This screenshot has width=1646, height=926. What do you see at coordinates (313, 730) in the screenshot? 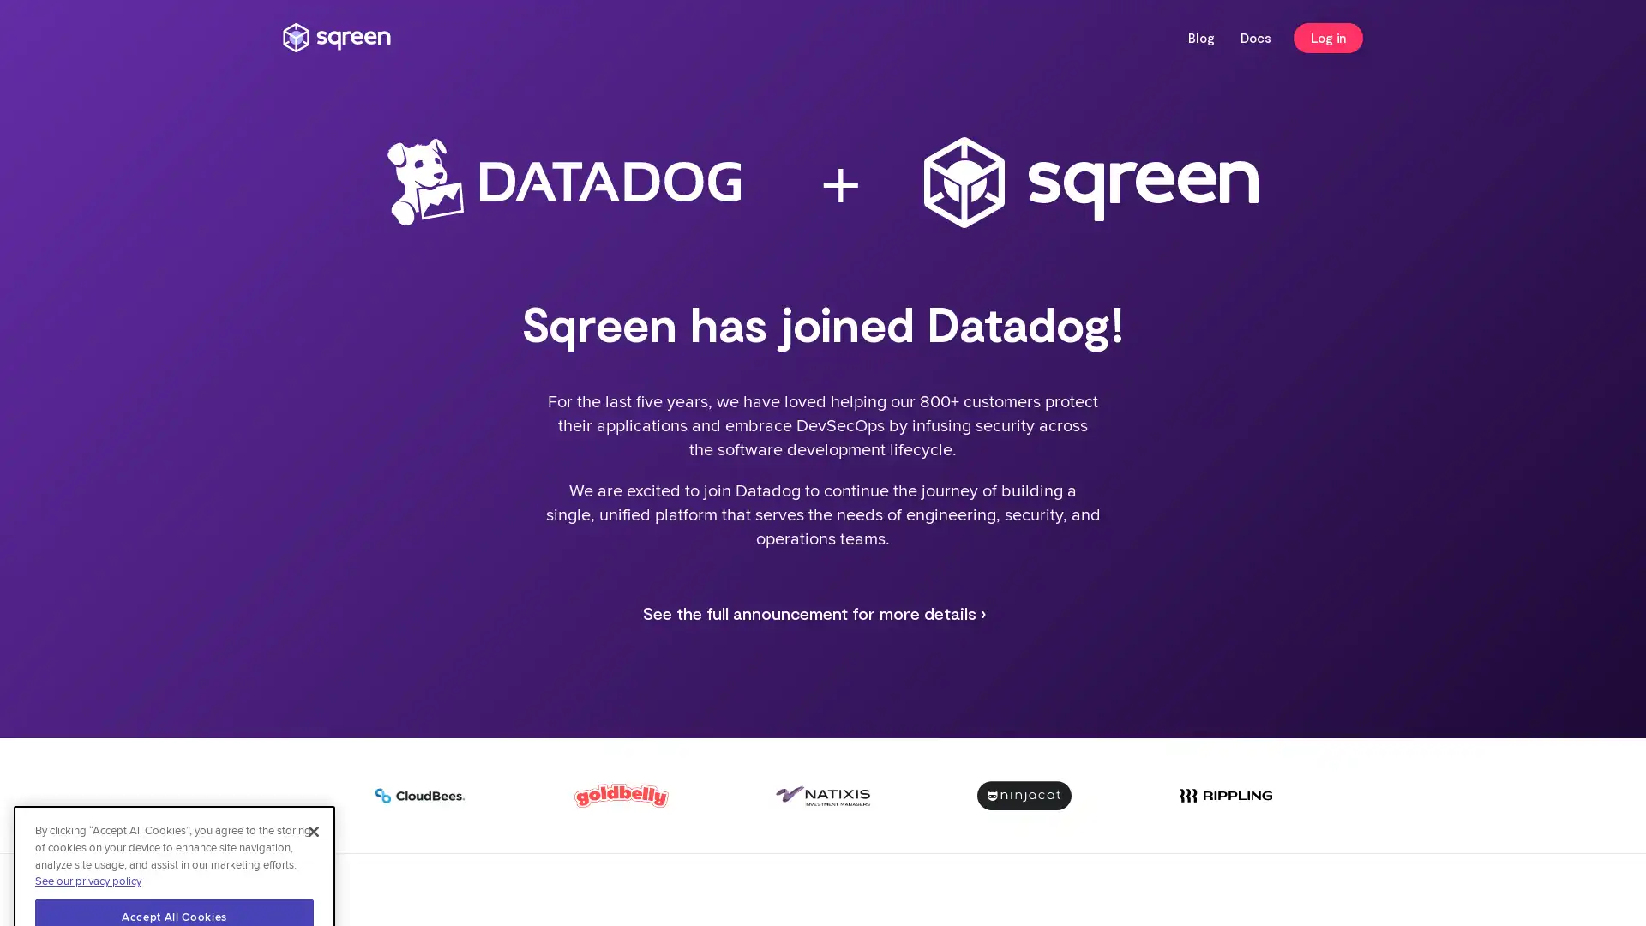
I see `Close` at bounding box center [313, 730].